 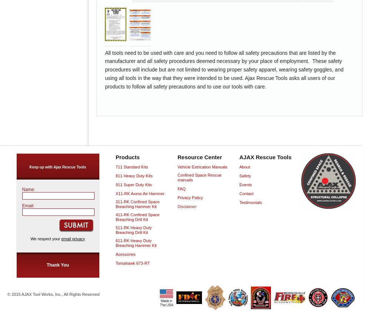 What do you see at coordinates (127, 157) in the screenshot?
I see `'Products'` at bounding box center [127, 157].